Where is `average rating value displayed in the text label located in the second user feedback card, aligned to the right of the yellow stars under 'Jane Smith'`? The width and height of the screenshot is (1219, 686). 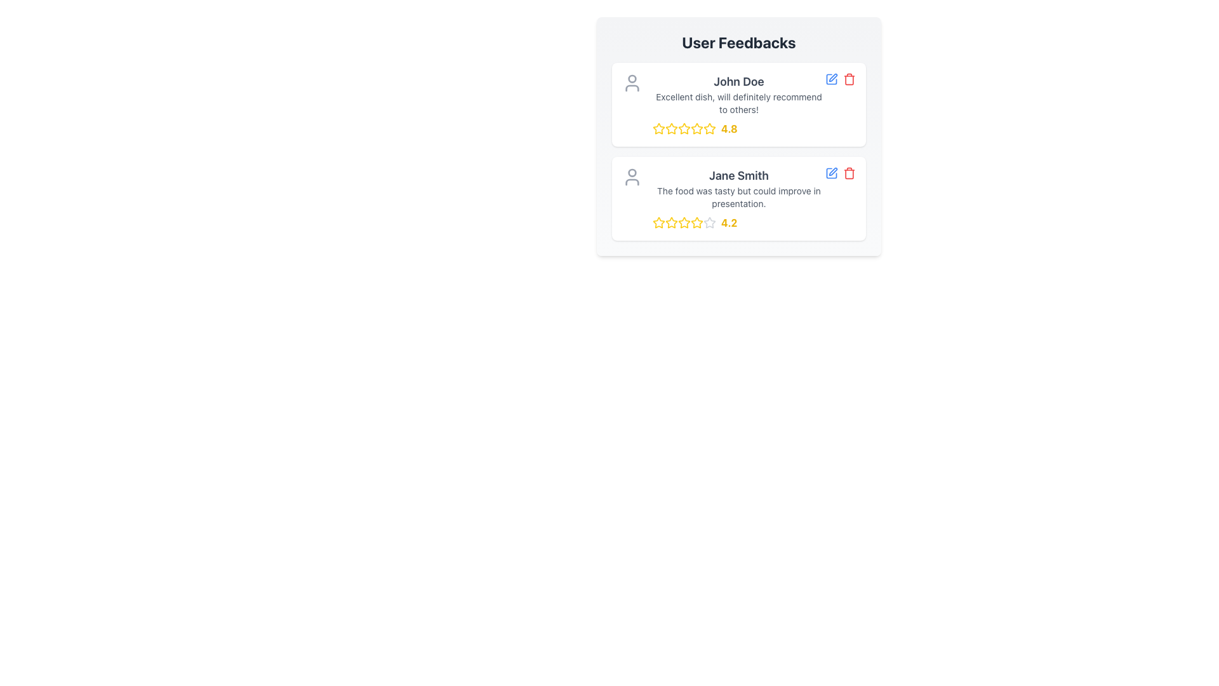 average rating value displayed in the text label located in the second user feedback card, aligned to the right of the yellow stars under 'Jane Smith' is located at coordinates (729, 222).